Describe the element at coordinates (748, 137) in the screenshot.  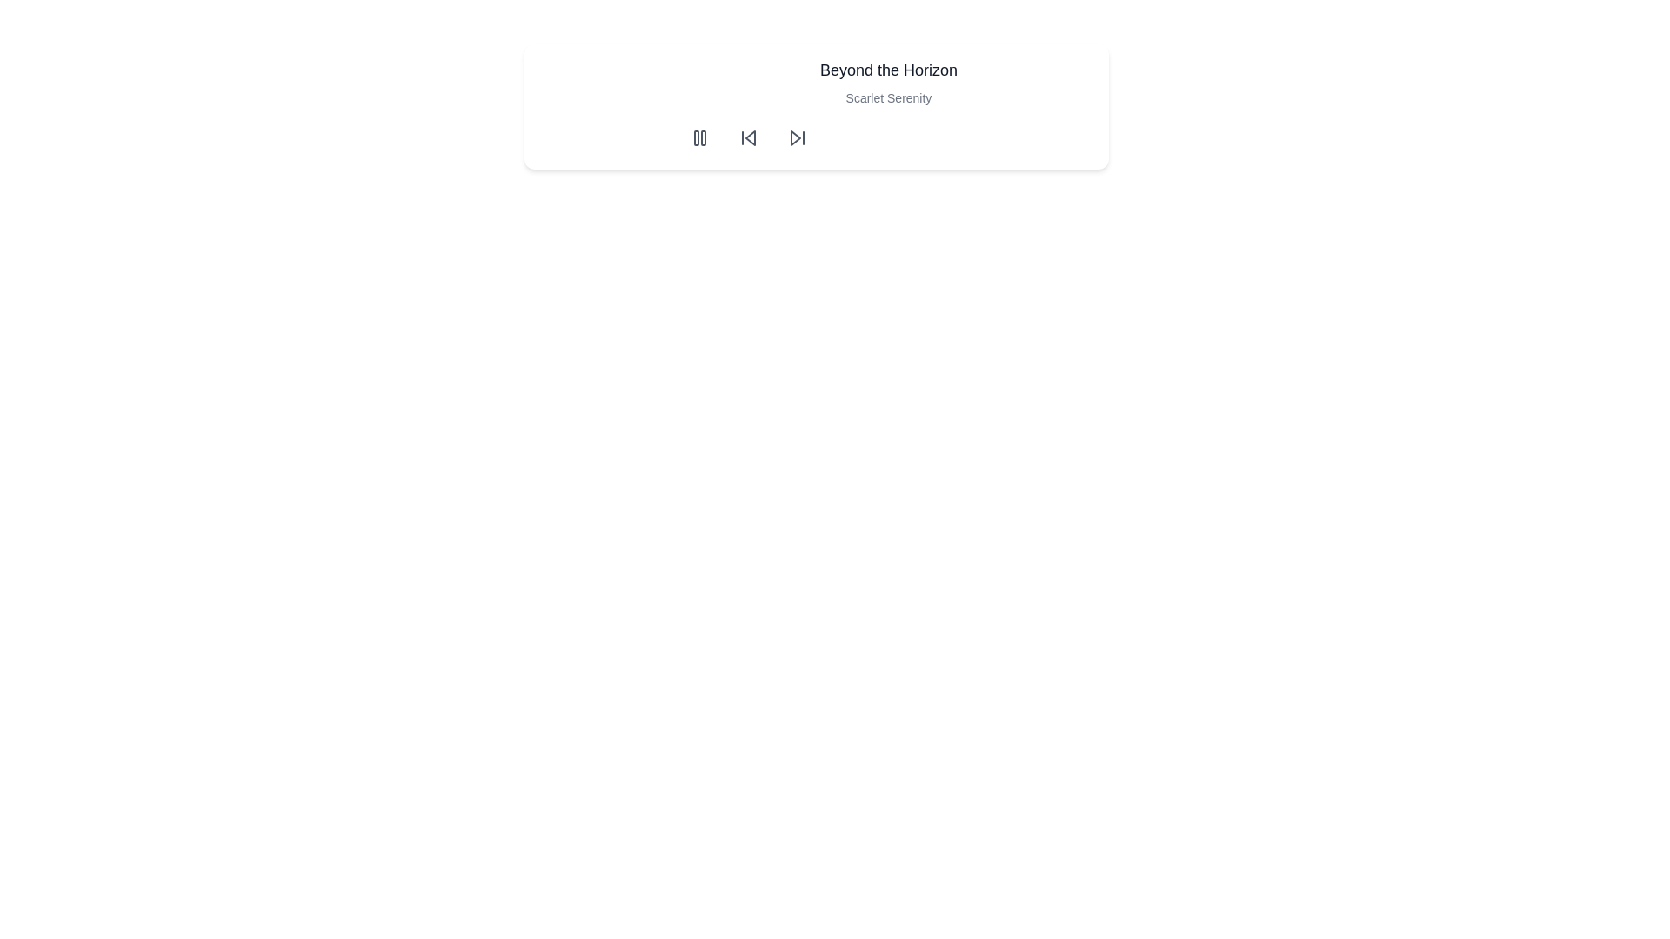
I see `the left-pointing double arrow icon button` at that location.